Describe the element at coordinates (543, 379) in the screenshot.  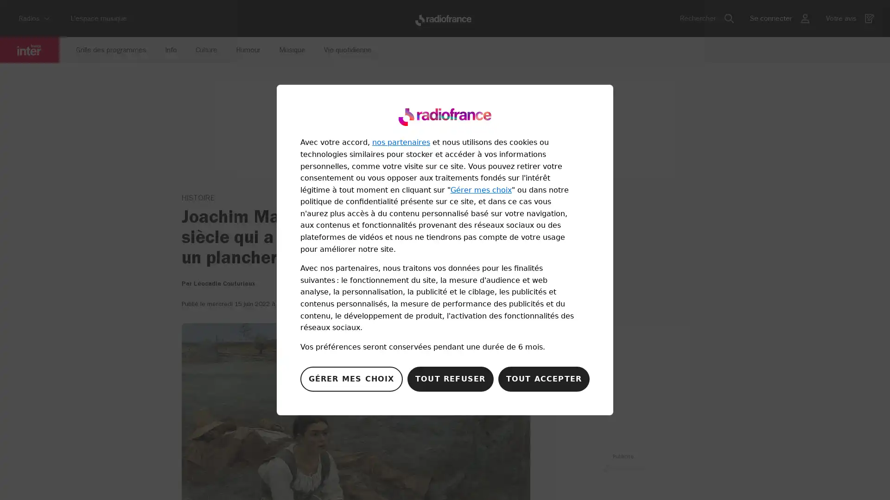
I see `Accepter notre traitement des donnees et fermer` at that location.